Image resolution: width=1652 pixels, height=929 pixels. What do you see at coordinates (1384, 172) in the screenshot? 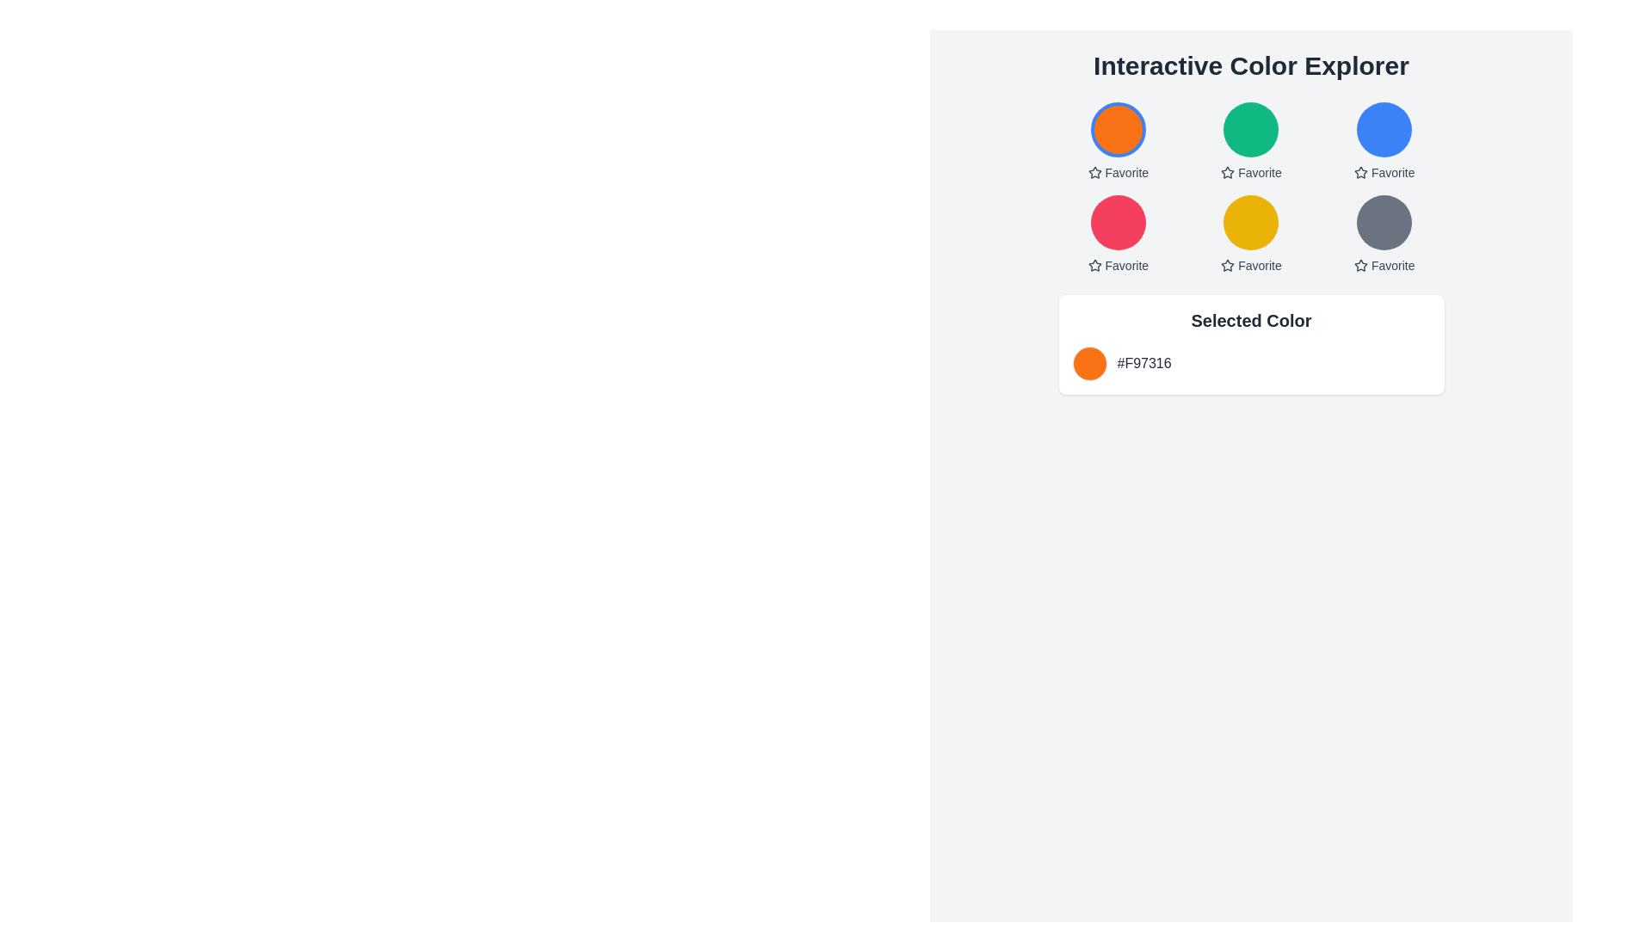
I see `the star icon of the 'Favorite' Interactive Label located in the right column below the blue circle item to mark as a favorite` at bounding box center [1384, 172].